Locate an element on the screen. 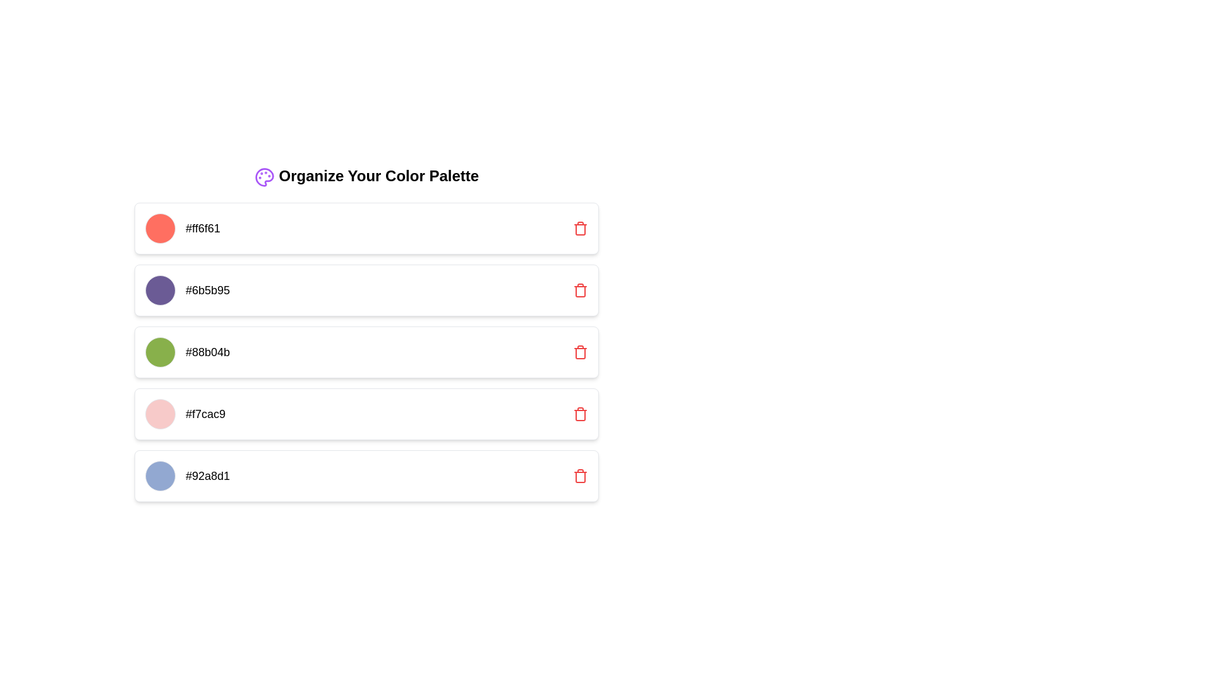 This screenshot has height=682, width=1213. the second card in the vertical list under 'Organize Your Color Palette' that displays the color '#6b5b95' for additional options is located at coordinates (366, 290).